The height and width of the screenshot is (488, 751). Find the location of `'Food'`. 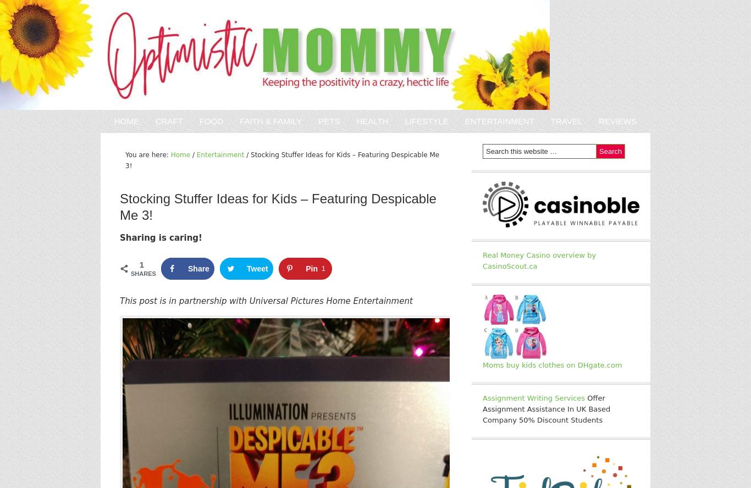

'Food' is located at coordinates (210, 120).